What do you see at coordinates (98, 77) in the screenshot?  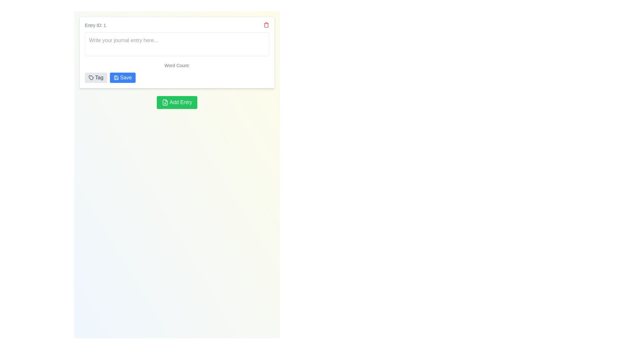 I see `the 'Tag' text label located to the left of the 'Save' button` at bounding box center [98, 77].